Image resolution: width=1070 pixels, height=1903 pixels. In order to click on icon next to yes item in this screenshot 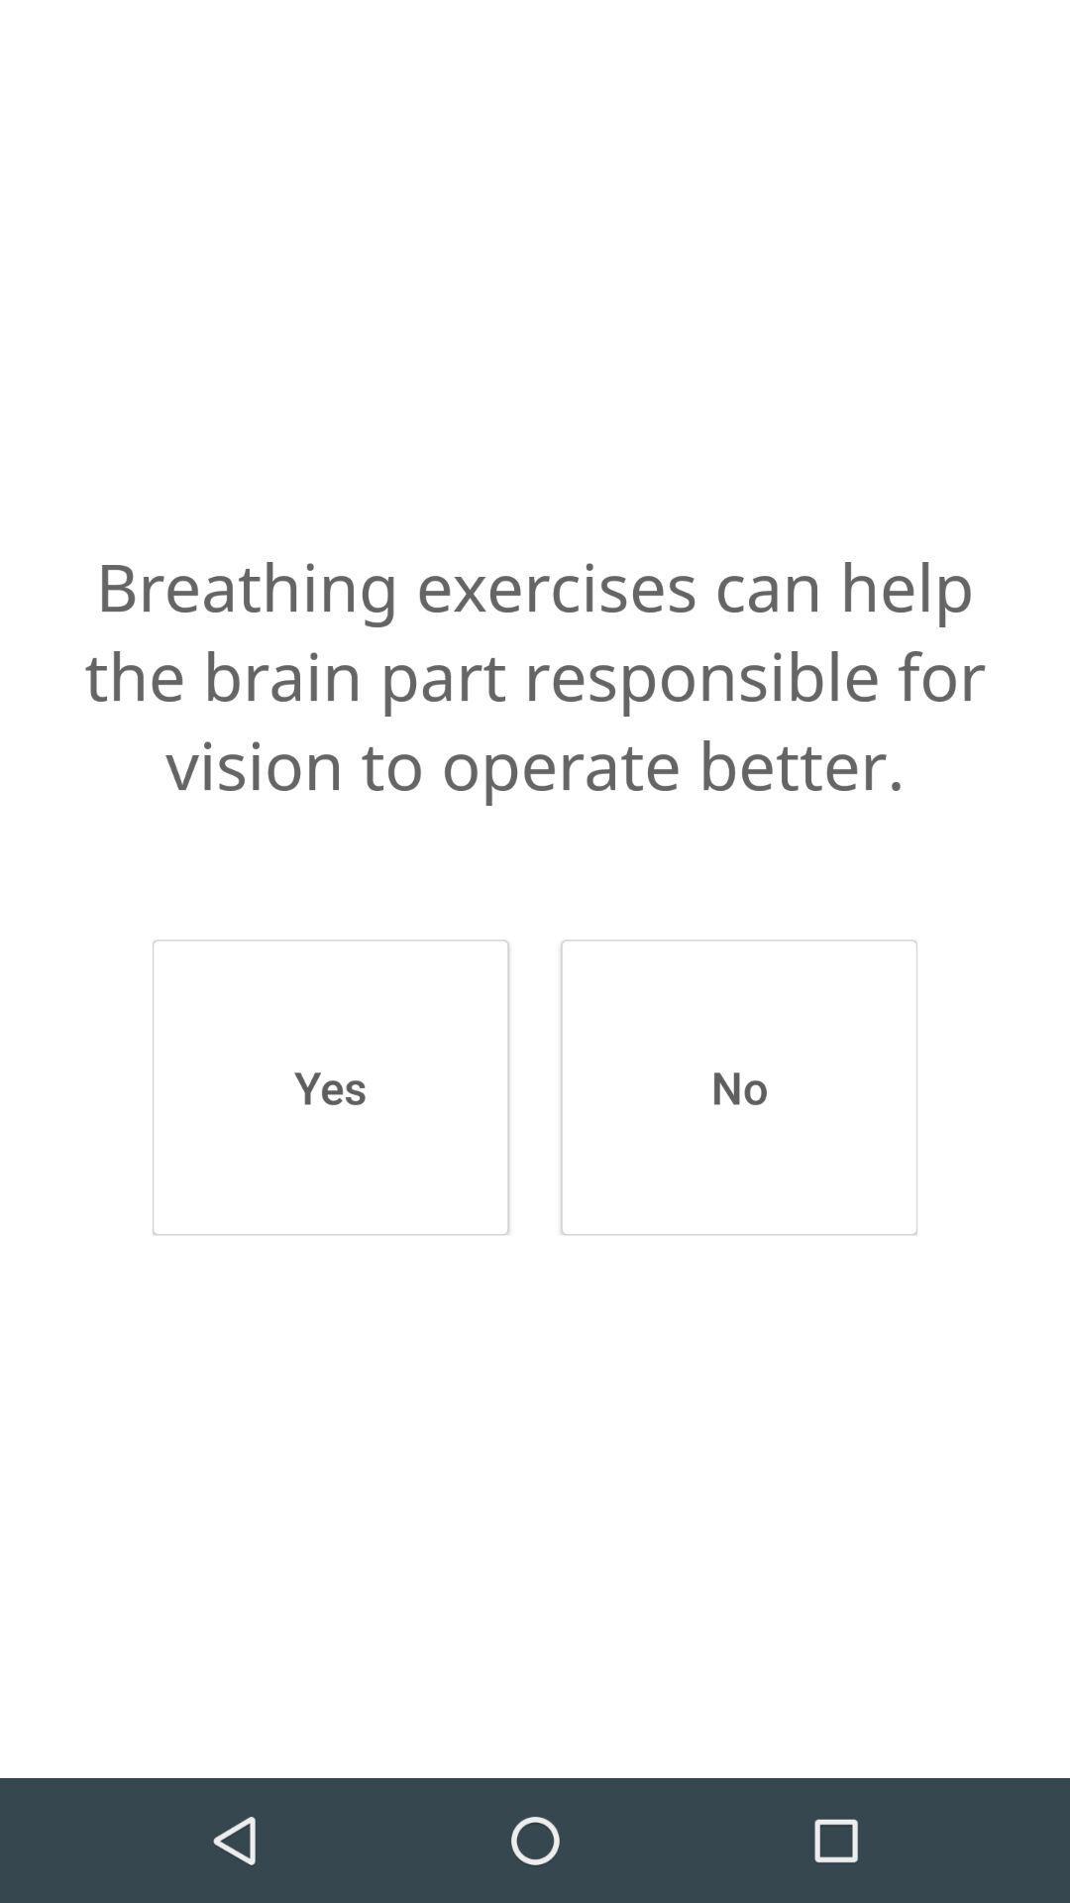, I will do `click(739, 1086)`.